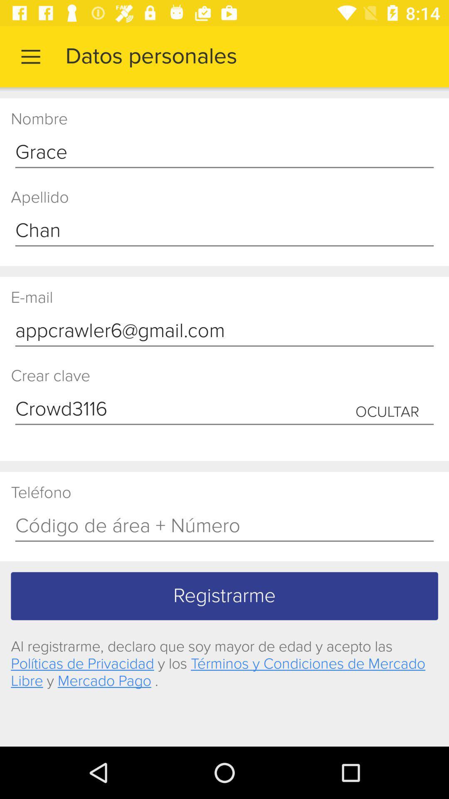 Image resolution: width=449 pixels, height=799 pixels. I want to click on the icon below the nombre, so click(224, 153).